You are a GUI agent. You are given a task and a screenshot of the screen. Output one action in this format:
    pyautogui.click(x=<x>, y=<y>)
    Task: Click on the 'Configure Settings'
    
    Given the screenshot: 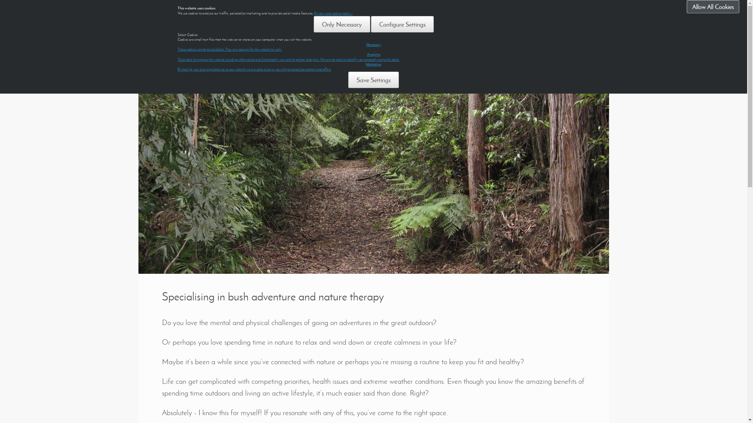 What is the action you would take?
    pyautogui.click(x=402, y=23)
    